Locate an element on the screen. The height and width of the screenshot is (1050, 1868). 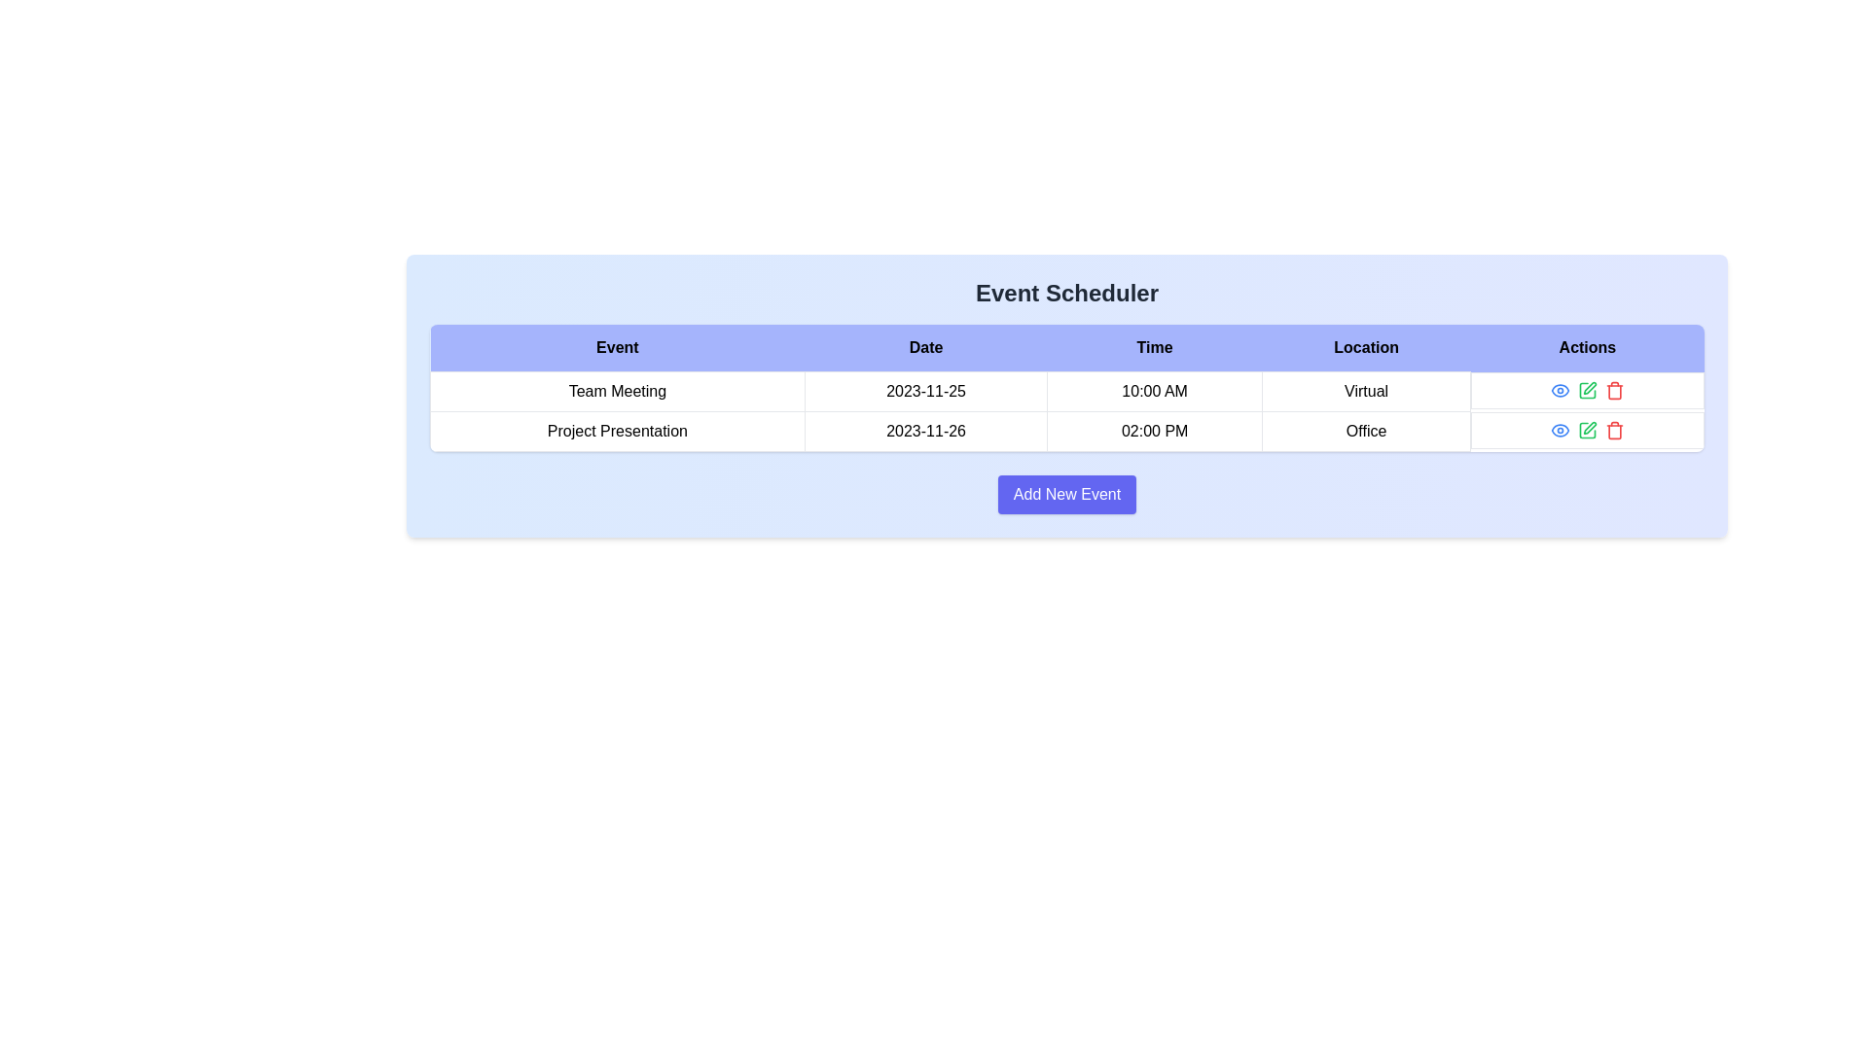
the table cell containing 'Team Meeting' is located at coordinates (616, 391).